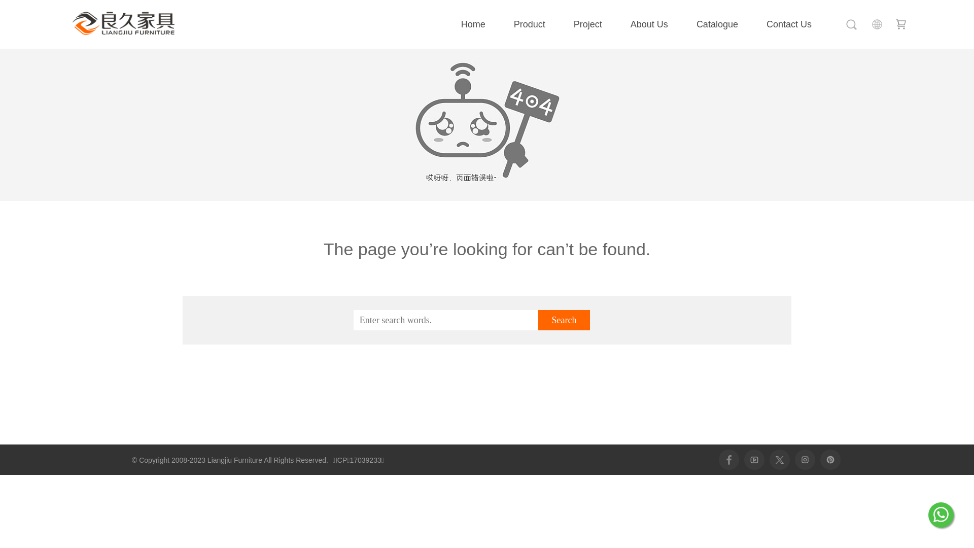  I want to click on 'Project', so click(570, 23).